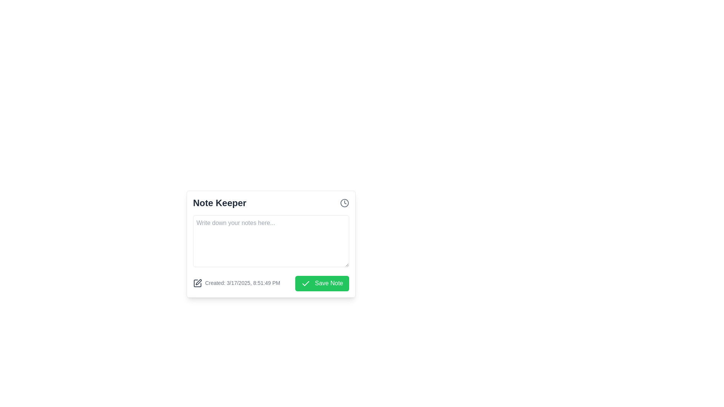  Describe the element at coordinates (344, 203) in the screenshot. I see `the SVG Circle Graphic that serves as the outer boundary of the clock icon in the top right corner of the 'Note Keeper' interface` at that location.